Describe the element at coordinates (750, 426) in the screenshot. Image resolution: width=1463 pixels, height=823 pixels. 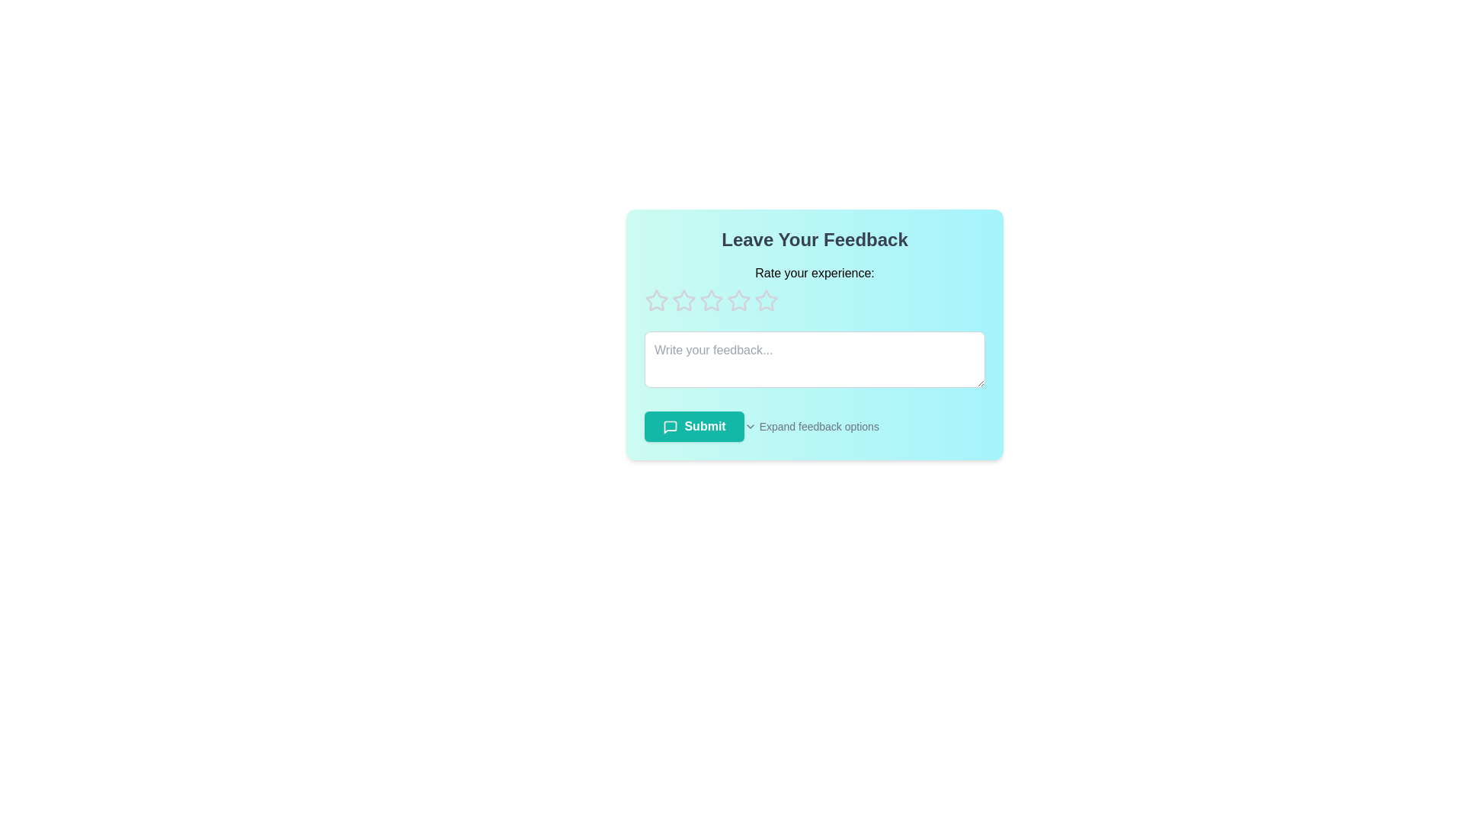
I see `the Dropdown trigger (chevron icon) which is a small downward-pointing chevron icon located to the right of the text 'Expand feedback options'` at that location.